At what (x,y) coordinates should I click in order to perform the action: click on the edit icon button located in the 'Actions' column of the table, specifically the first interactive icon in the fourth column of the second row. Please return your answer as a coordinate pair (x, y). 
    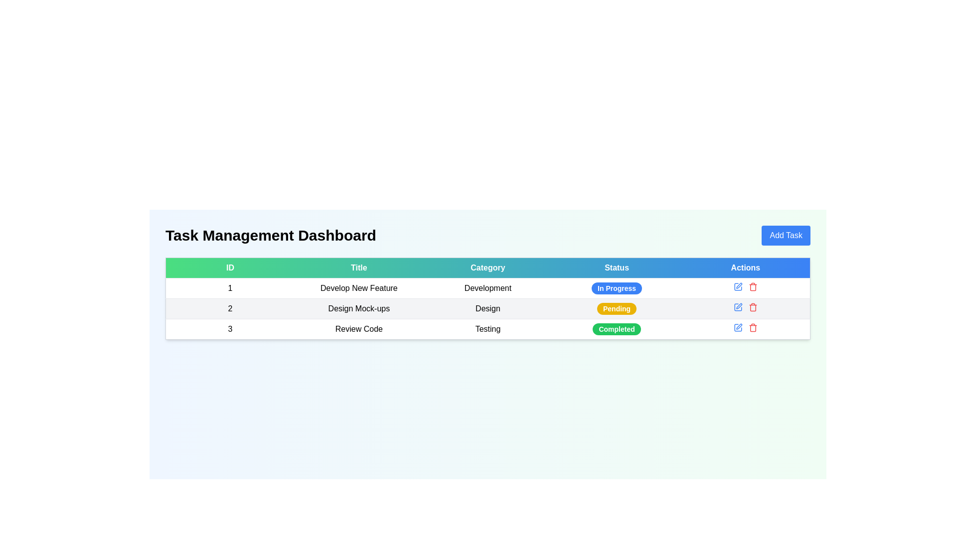
    Looking at the image, I should click on (738, 286).